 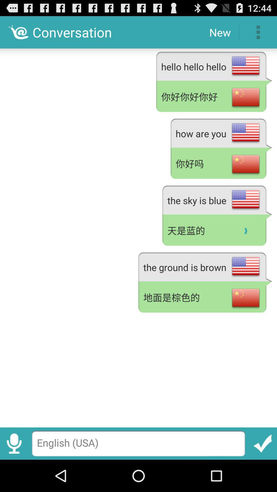 I want to click on icon next to the new icon, so click(x=258, y=32).